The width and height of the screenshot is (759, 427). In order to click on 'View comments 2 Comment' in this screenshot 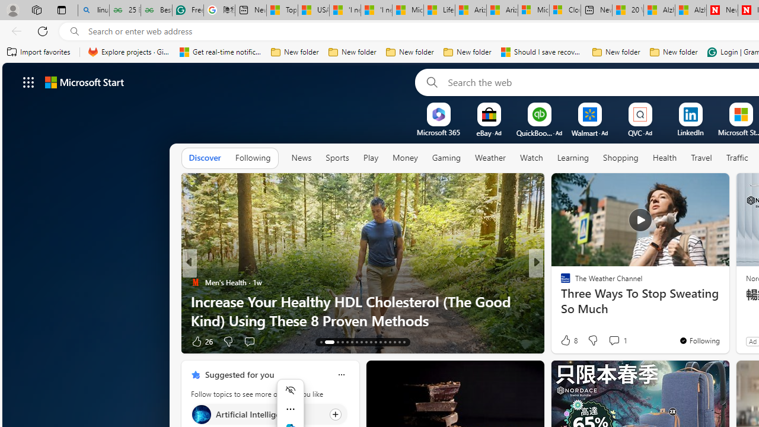, I will do `click(614, 341)`.